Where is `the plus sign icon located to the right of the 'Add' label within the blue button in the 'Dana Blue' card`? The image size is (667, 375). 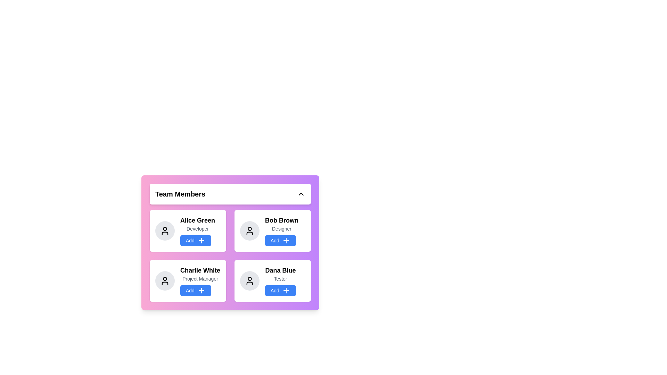
the plus sign icon located to the right of the 'Add' label within the blue button in the 'Dana Blue' card is located at coordinates (286, 291).